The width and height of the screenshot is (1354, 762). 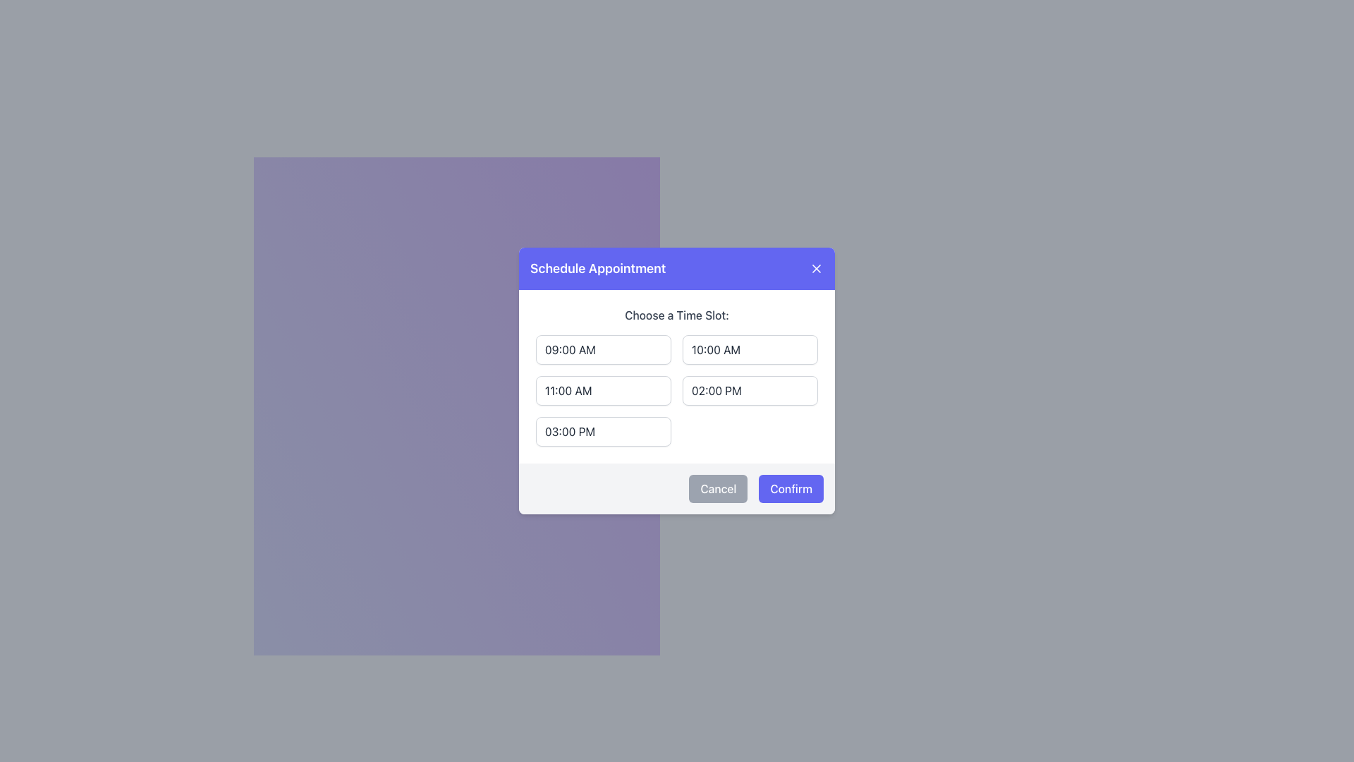 What do you see at coordinates (750, 349) in the screenshot?
I see `the '10:00 AM' button in the 'Schedule Appointment' dialog` at bounding box center [750, 349].